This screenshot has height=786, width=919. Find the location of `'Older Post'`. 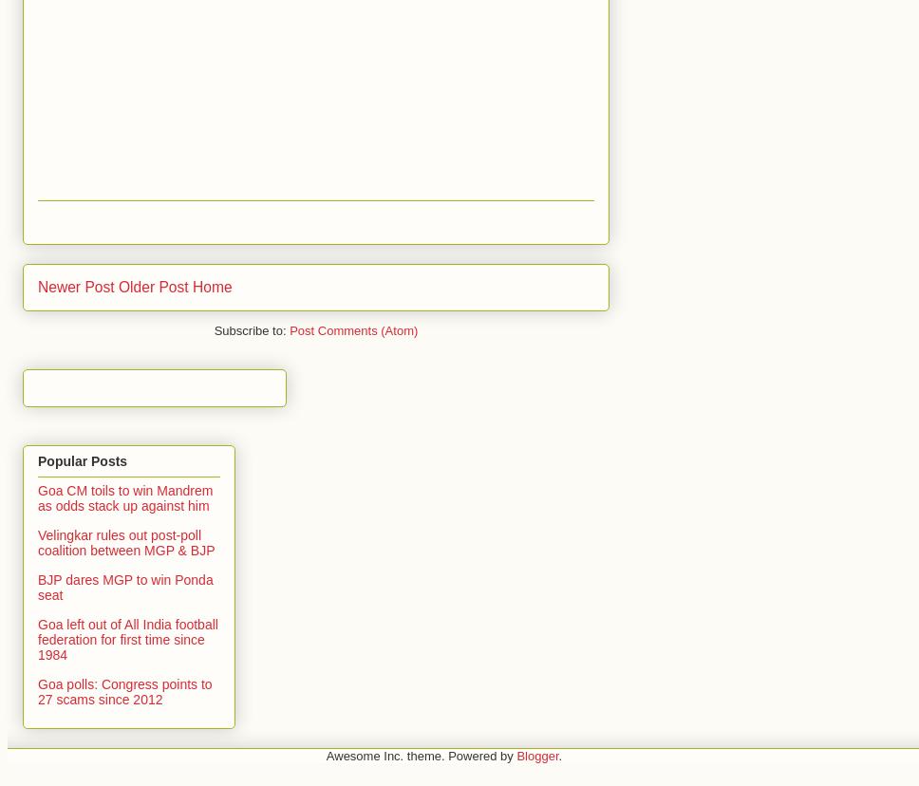

'Older Post' is located at coordinates (151, 286).